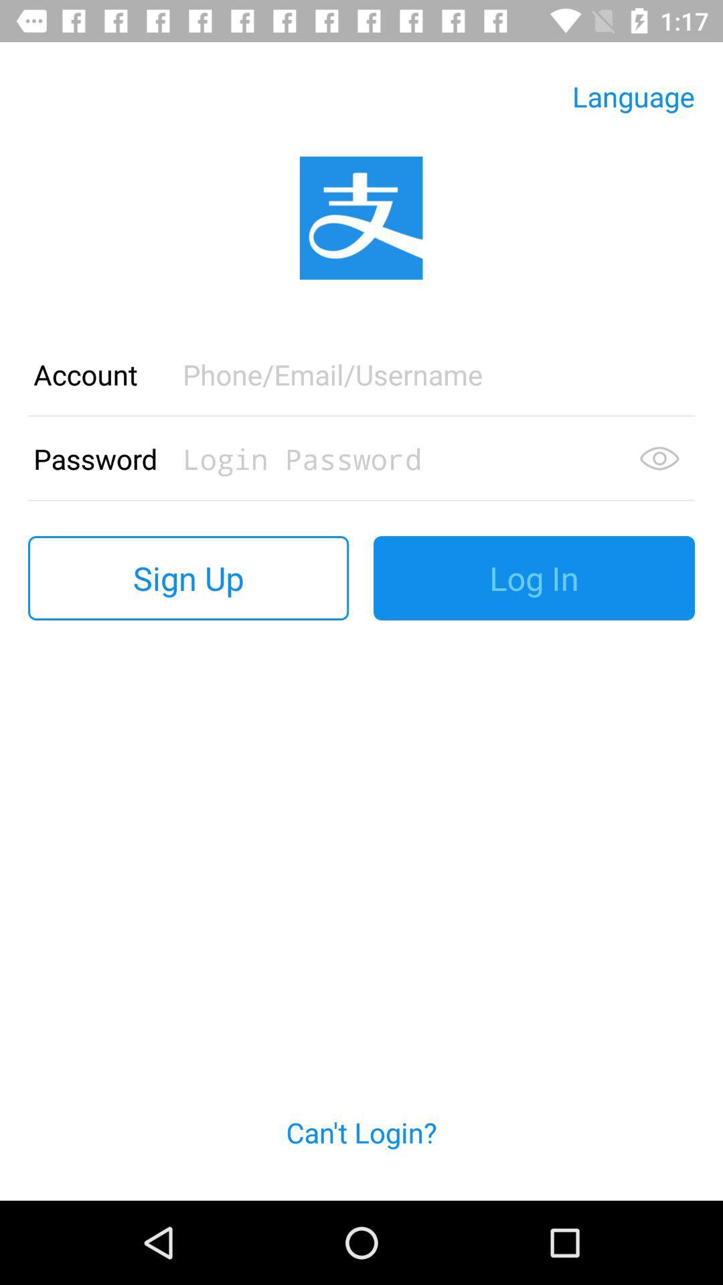 The height and width of the screenshot is (1285, 723). I want to click on the can't login? icon, so click(361, 1147).